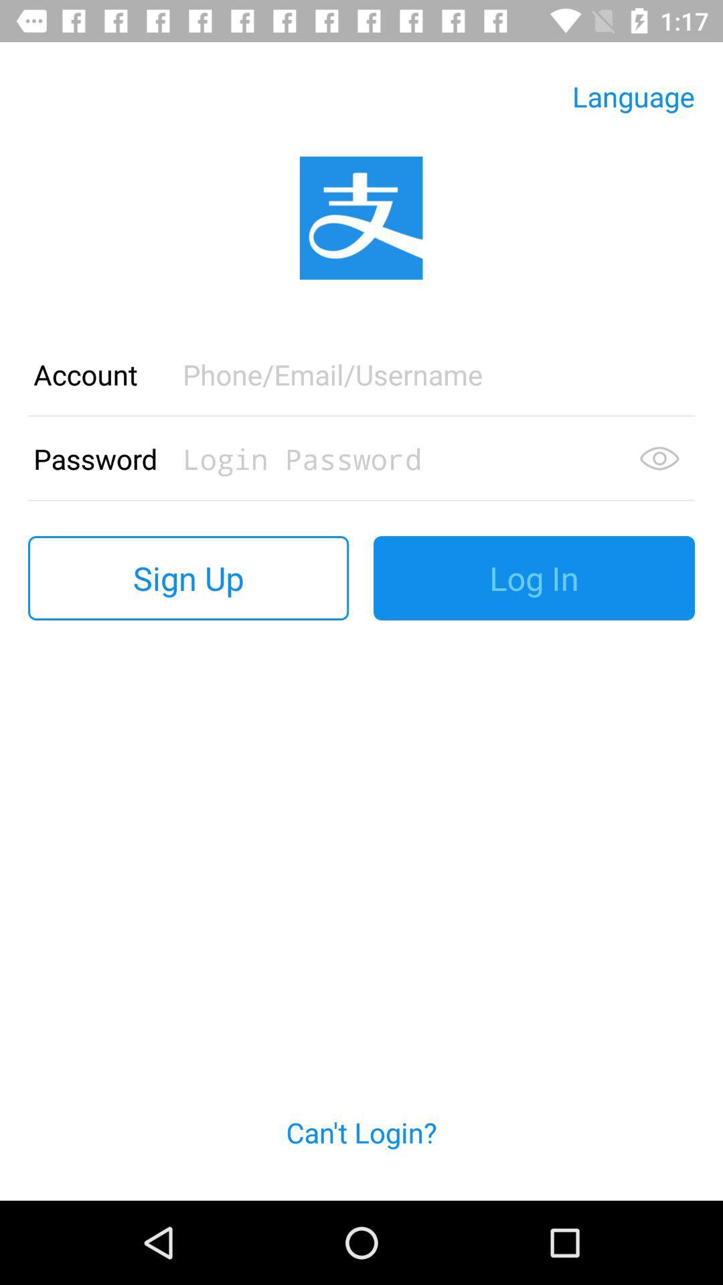 The height and width of the screenshot is (1285, 723). I want to click on the can't login? icon, so click(361, 1147).